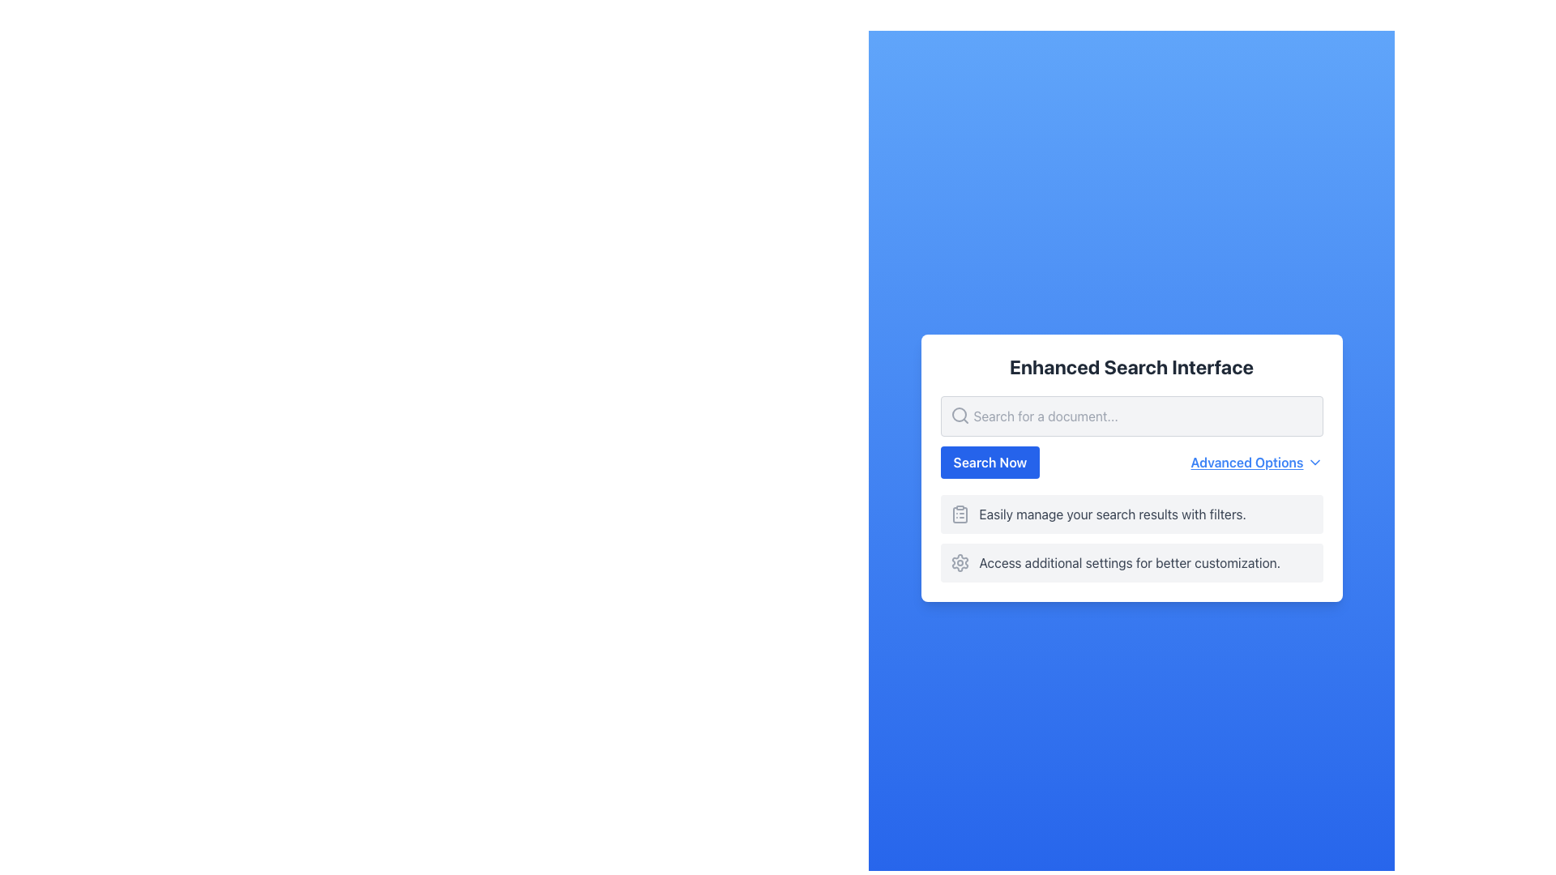 The image size is (1556, 875). What do you see at coordinates (960, 561) in the screenshot?
I see `the gear-shaped icon next to the text 'Access additional settings for better customization.'` at bounding box center [960, 561].